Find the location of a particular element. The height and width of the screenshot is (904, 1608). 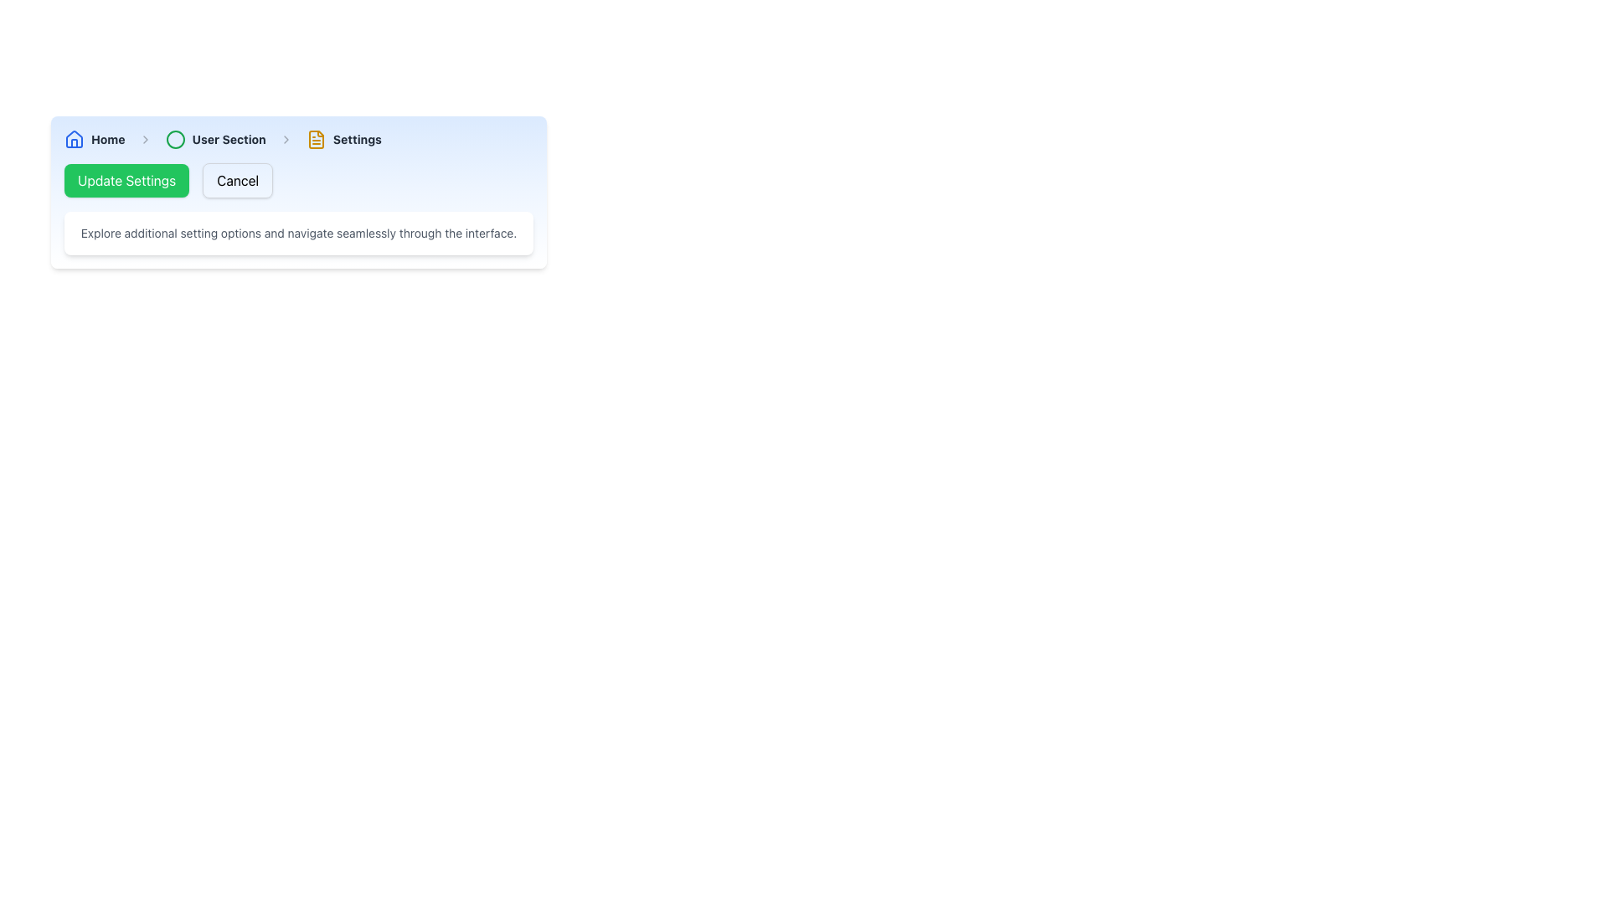

the text element displaying 'Explore additional setting options and navigate seamlessly through the interface.', which is styled in light gray and positioned below the 'Update Settings' and 'Cancel' buttons is located at coordinates (298, 233).